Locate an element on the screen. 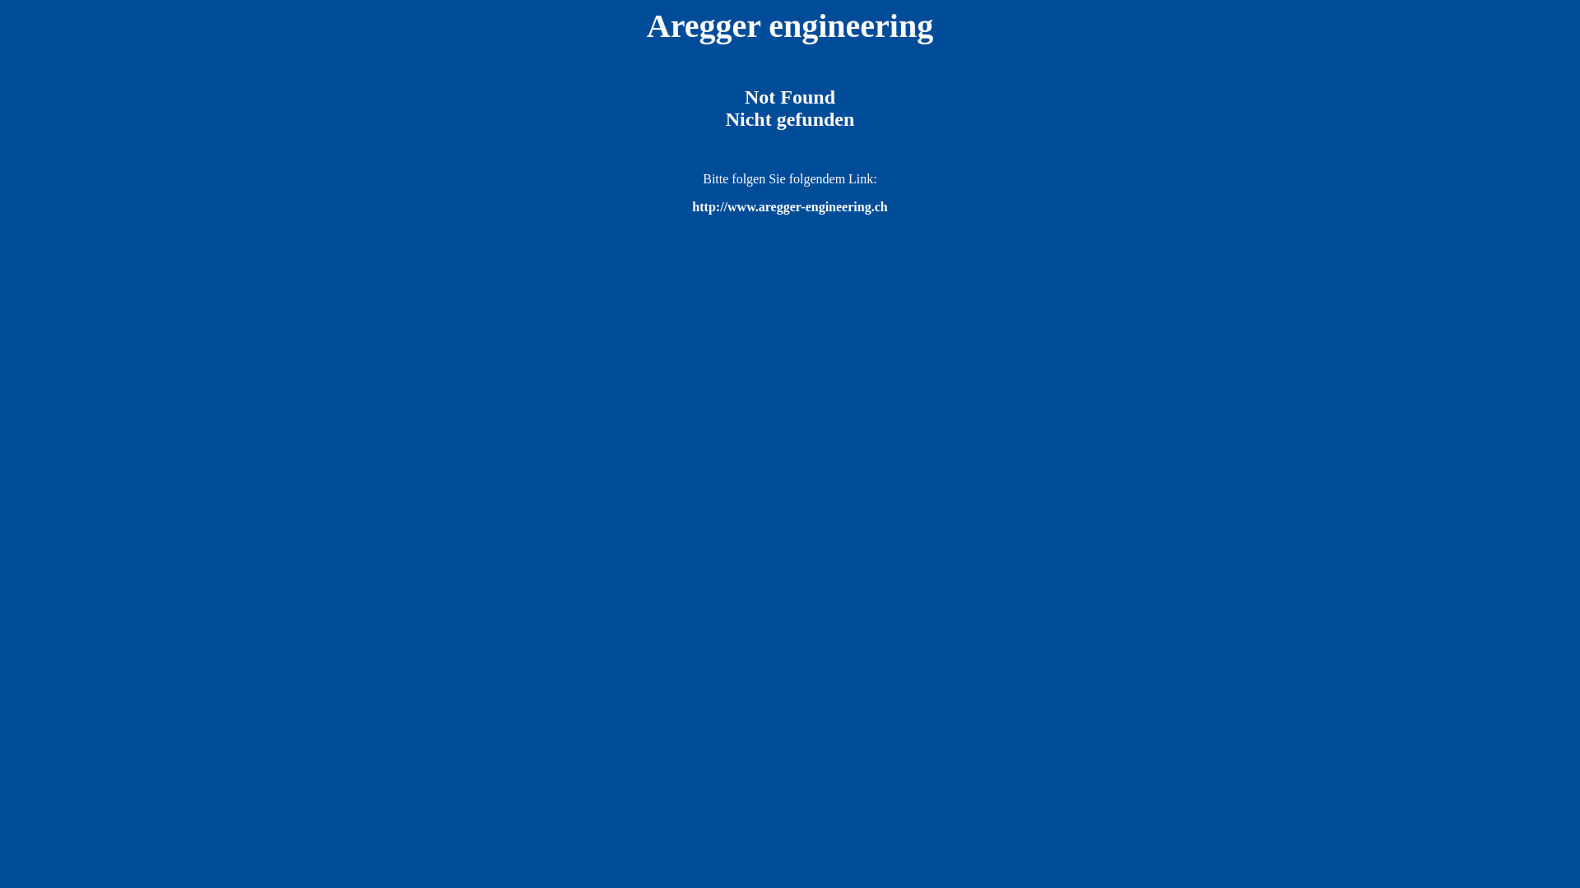 The height and width of the screenshot is (888, 1580). 'http://www.aregger-engineering.ch' is located at coordinates (788, 206).